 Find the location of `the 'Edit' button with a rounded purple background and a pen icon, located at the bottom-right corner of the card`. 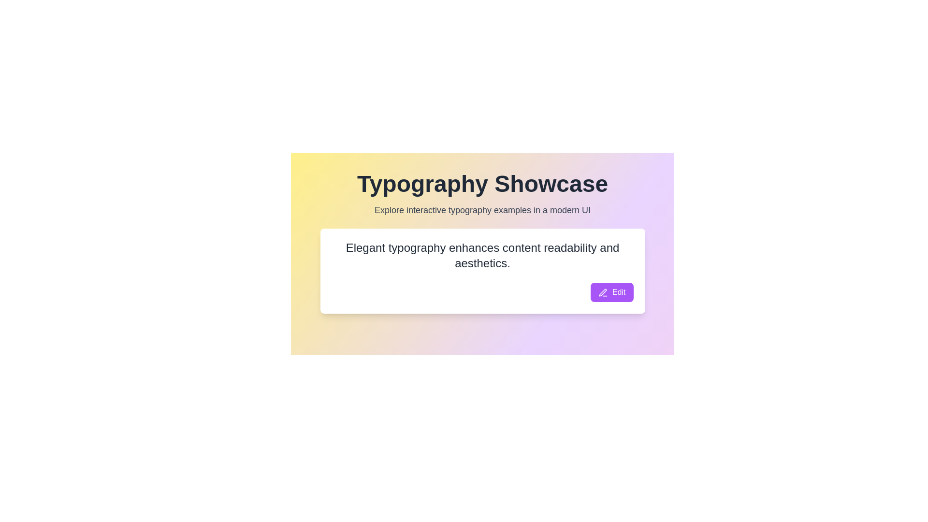

the 'Edit' button with a rounded purple background and a pen icon, located at the bottom-right corner of the card is located at coordinates (611, 292).